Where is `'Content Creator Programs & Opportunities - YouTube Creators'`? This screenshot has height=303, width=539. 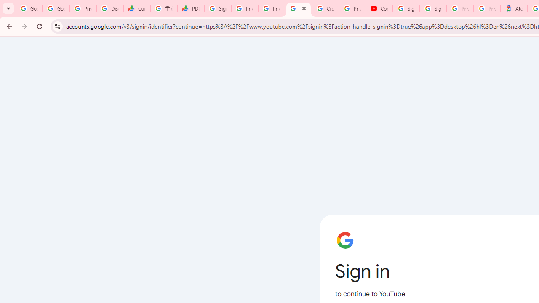
'Content Creator Programs & Opportunities - YouTube Creators' is located at coordinates (379, 8).